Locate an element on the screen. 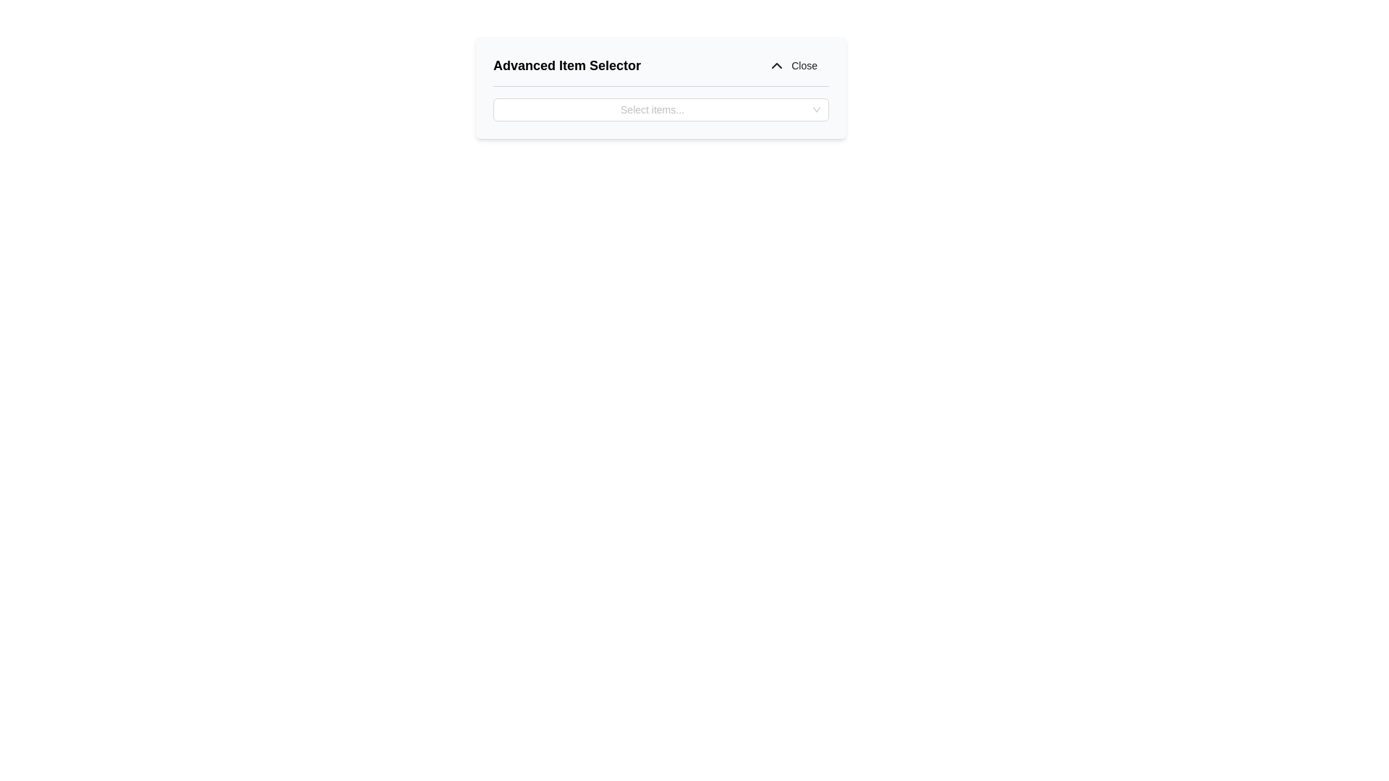 Image resolution: width=1389 pixels, height=781 pixels. the close button located at the top-right corner of the 'Advanced Item Selector' section is located at coordinates (792, 66).